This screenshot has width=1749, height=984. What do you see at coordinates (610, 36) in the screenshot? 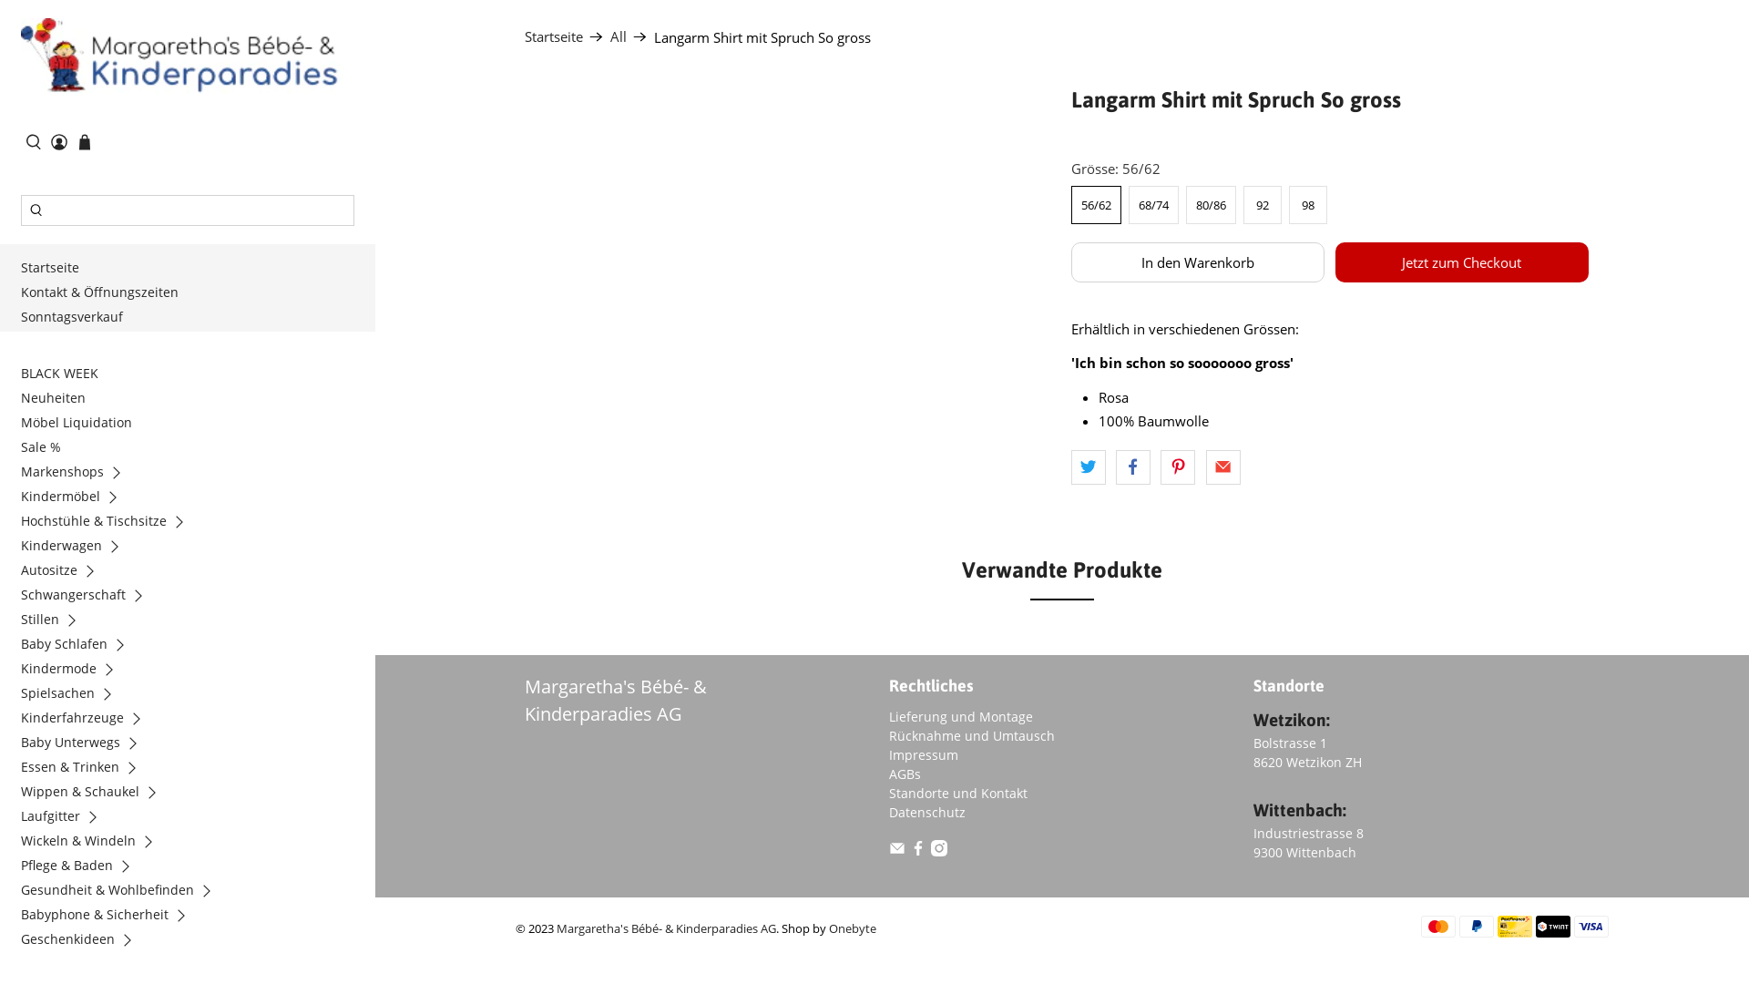
I see `'All'` at bounding box center [610, 36].